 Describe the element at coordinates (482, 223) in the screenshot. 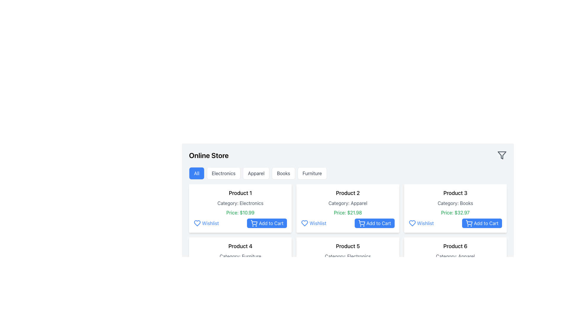

I see `the 'Add to Cart' button for Product 3 (Books, $32.97) located at the bottom-right corner of the third product card in the grid layout` at that location.